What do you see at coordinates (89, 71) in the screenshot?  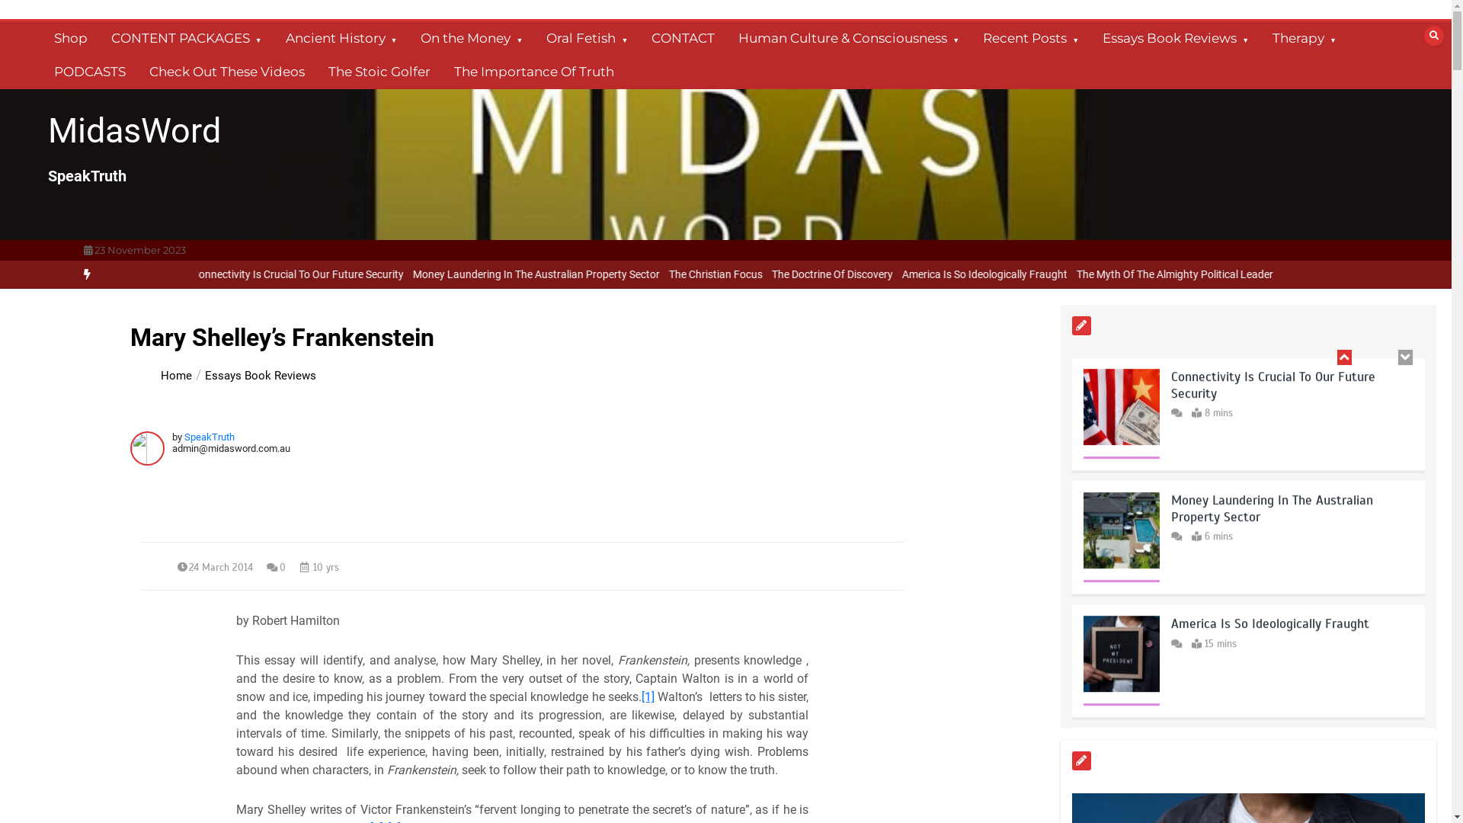 I see `'PODCASTS'` at bounding box center [89, 71].